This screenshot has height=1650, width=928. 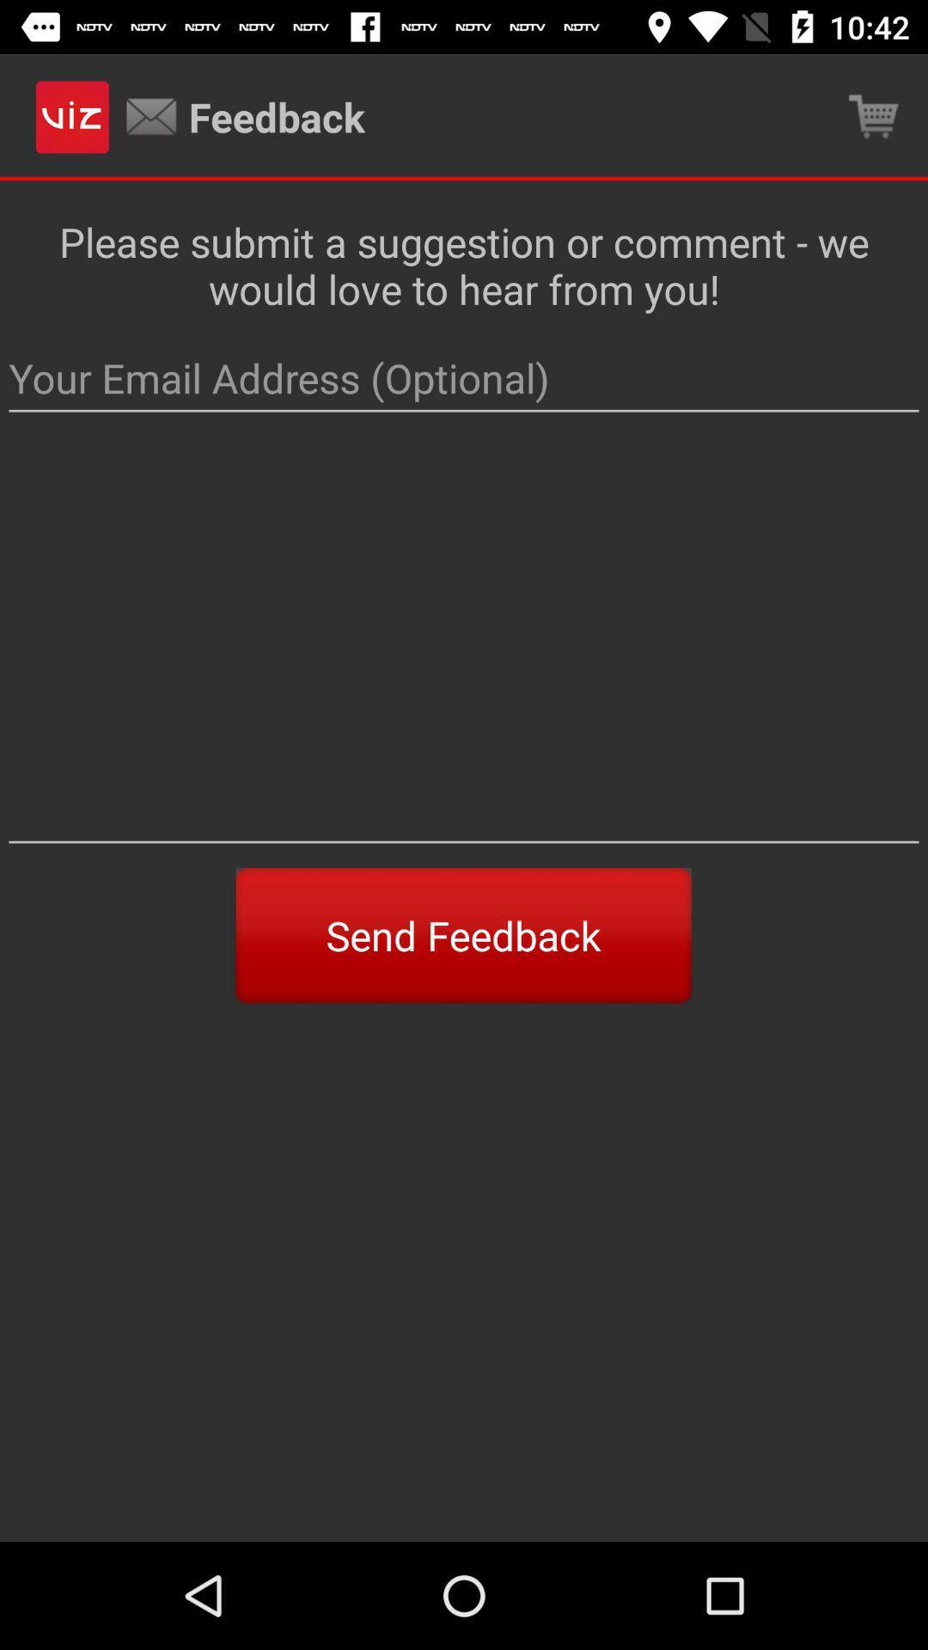 What do you see at coordinates (464, 645) in the screenshot?
I see `icon above send feedback icon` at bounding box center [464, 645].